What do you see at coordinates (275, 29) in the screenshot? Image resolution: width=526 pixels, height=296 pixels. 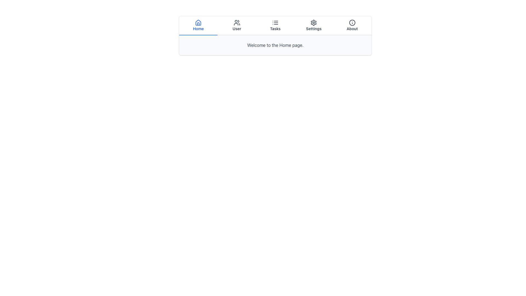 I see `the 'Tasks' navigation label, which is the third item in the horizontal navigation bar situated between 'User' and 'Settings'` at bounding box center [275, 29].